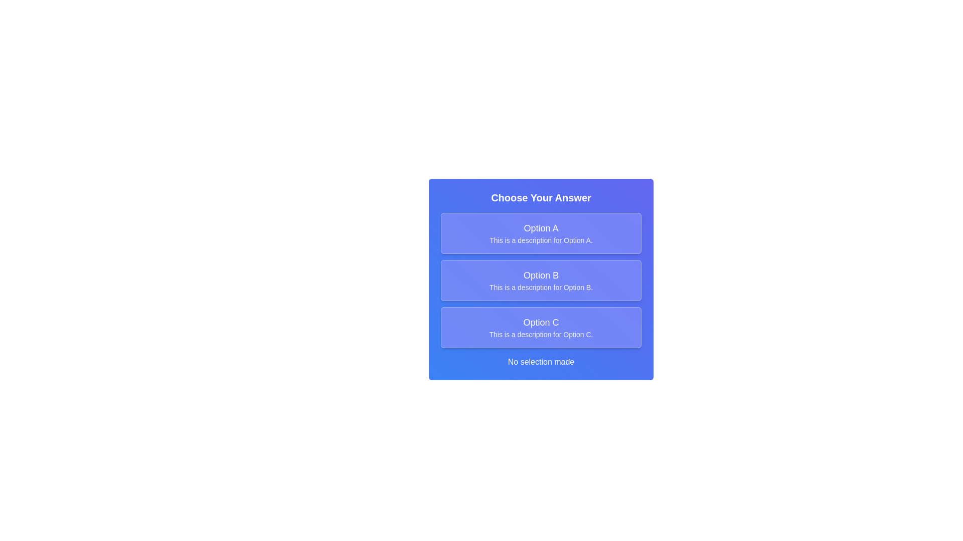 The image size is (963, 541). What do you see at coordinates (541, 323) in the screenshot?
I see `the text label displaying 'Option C', which is prominently styled in white on a blue background and is the third option in a vertical list` at bounding box center [541, 323].